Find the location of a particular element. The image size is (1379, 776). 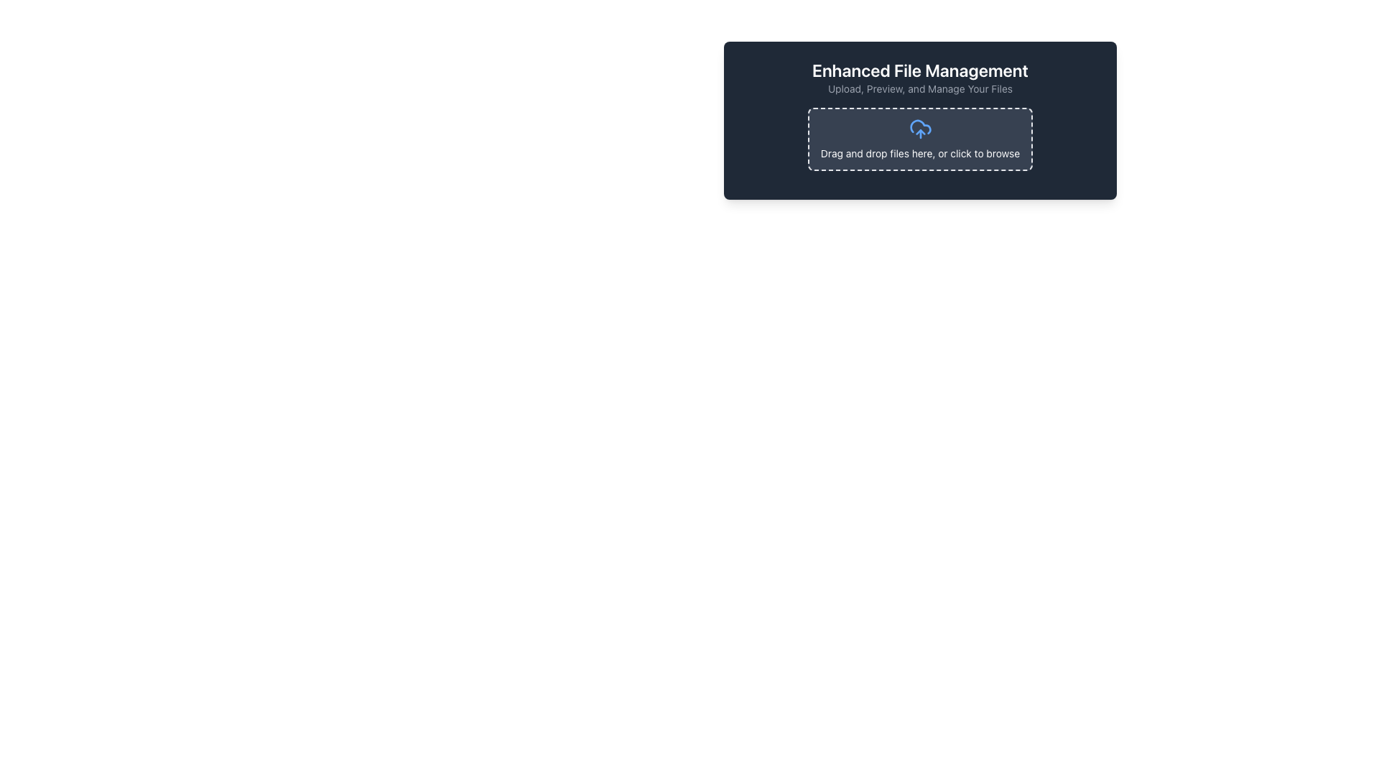

the static text label that says 'Drag and drop files here, or click to browse.' which is centrally located within the file upload area is located at coordinates (920, 153).